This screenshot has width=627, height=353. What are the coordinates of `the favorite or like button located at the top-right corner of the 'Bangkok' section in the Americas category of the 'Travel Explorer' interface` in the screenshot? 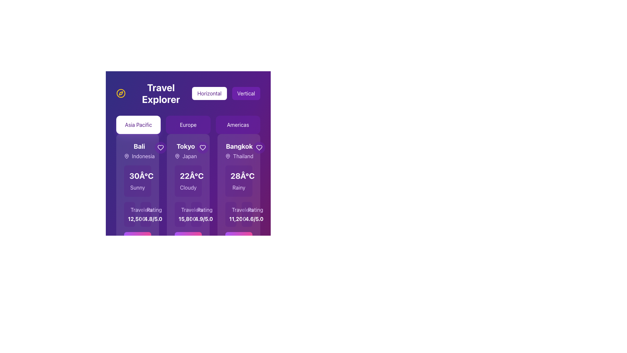 It's located at (259, 147).